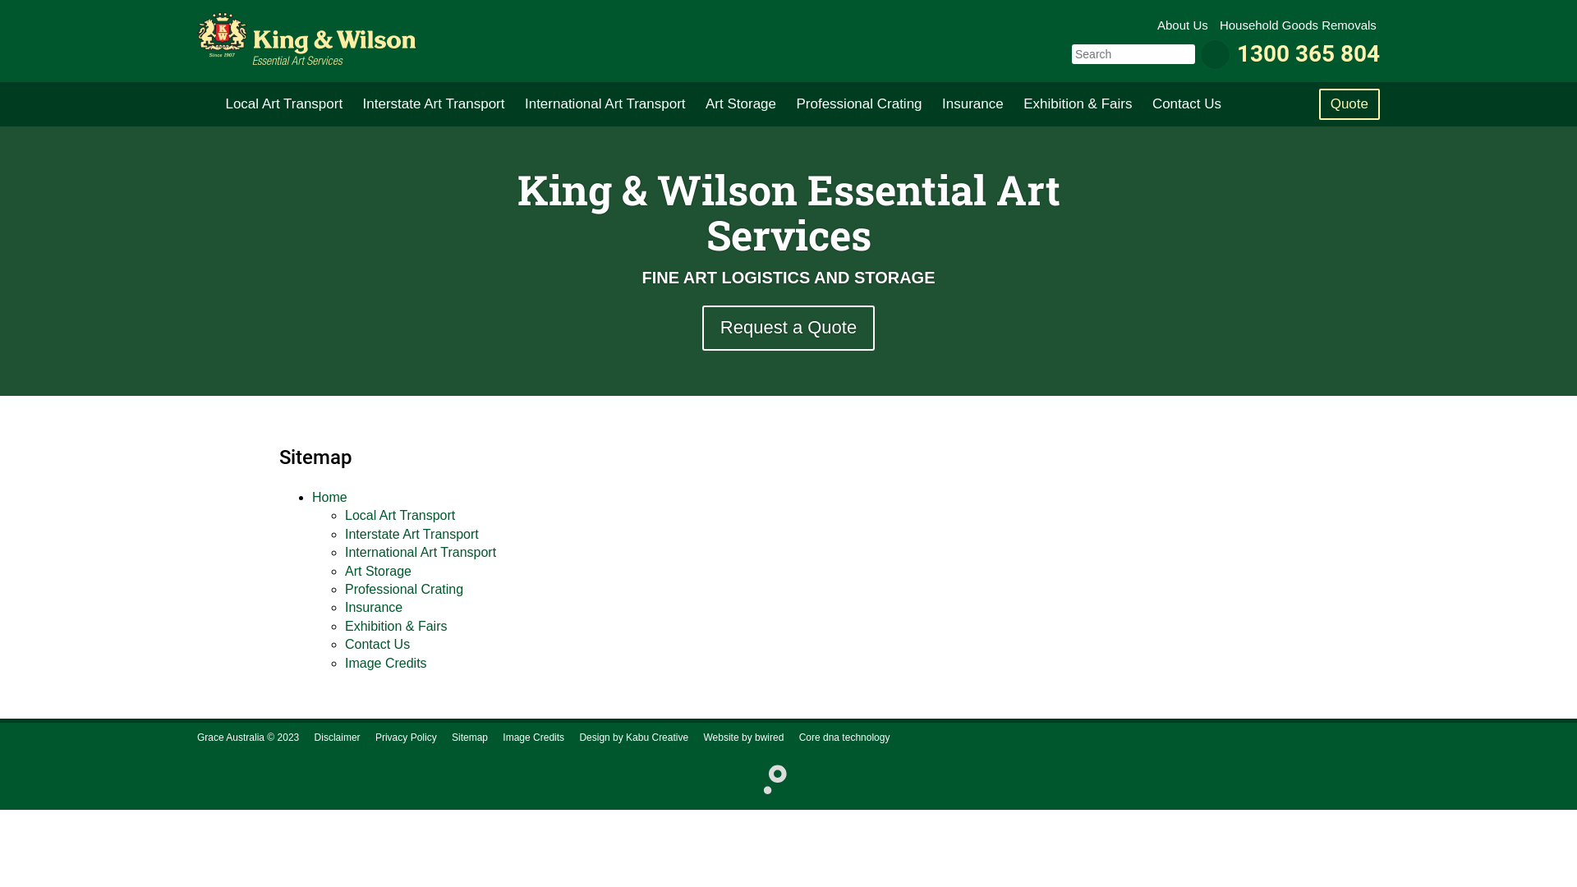 This screenshot has height=887, width=1577. I want to click on 'Local Art Transport', so click(216, 104).